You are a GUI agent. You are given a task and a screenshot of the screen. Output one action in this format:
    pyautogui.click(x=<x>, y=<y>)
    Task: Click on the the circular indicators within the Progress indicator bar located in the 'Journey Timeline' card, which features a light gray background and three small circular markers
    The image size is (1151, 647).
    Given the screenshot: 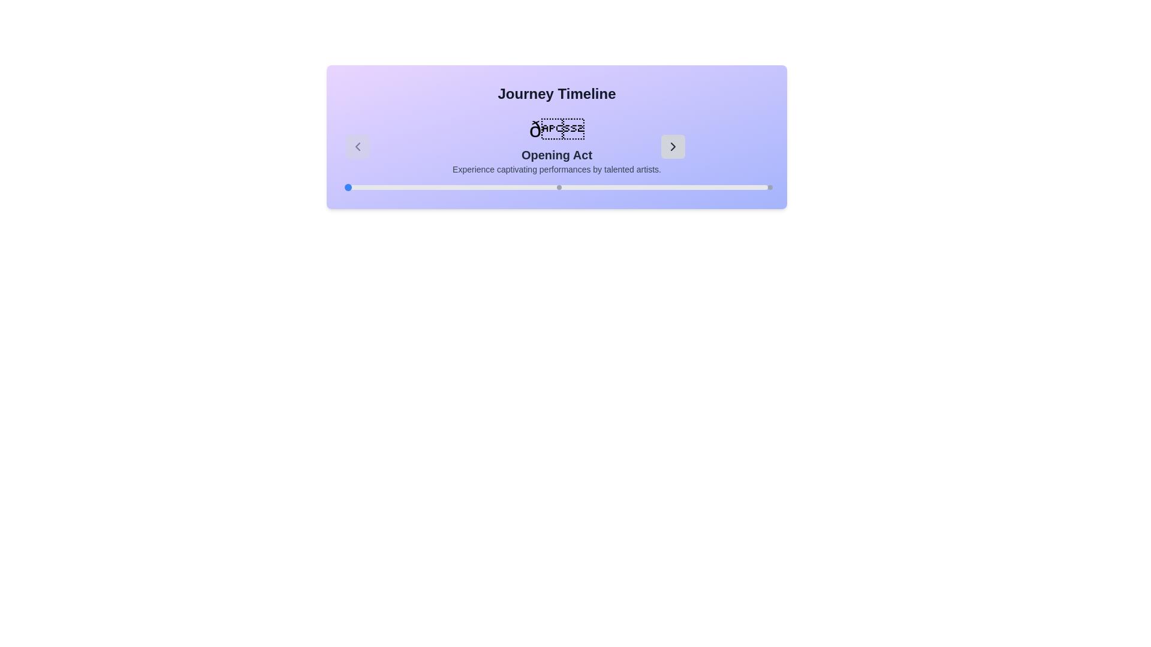 What is the action you would take?
    pyautogui.click(x=556, y=187)
    